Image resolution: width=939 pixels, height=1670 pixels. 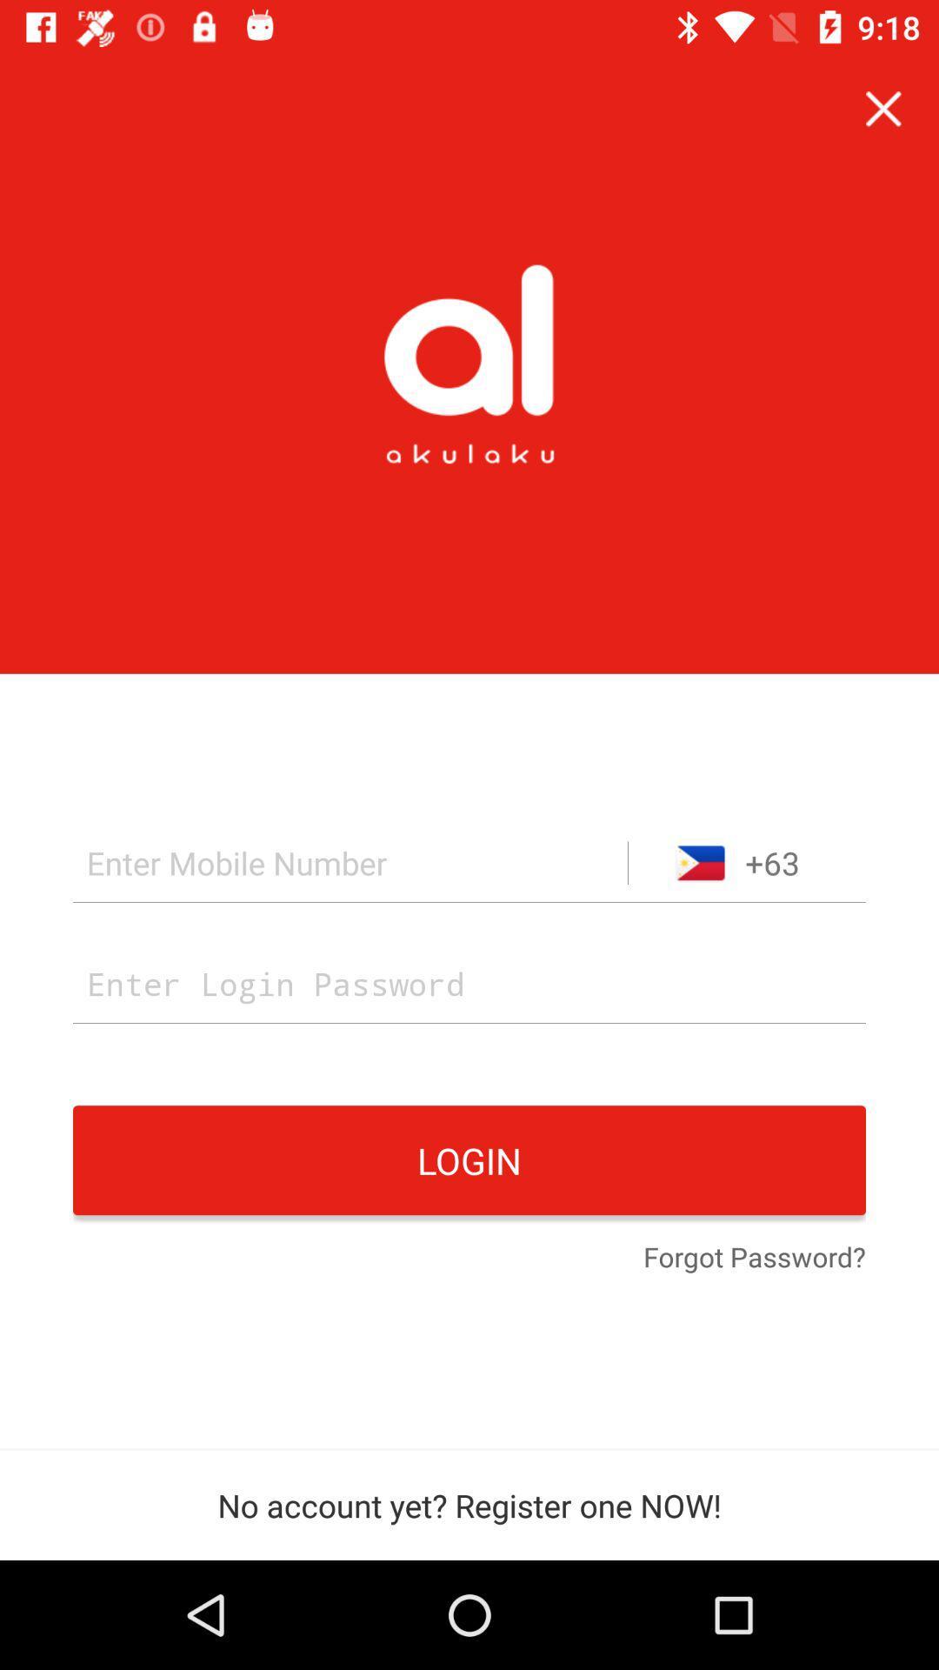 I want to click on the forgot password?, so click(x=754, y=1259).